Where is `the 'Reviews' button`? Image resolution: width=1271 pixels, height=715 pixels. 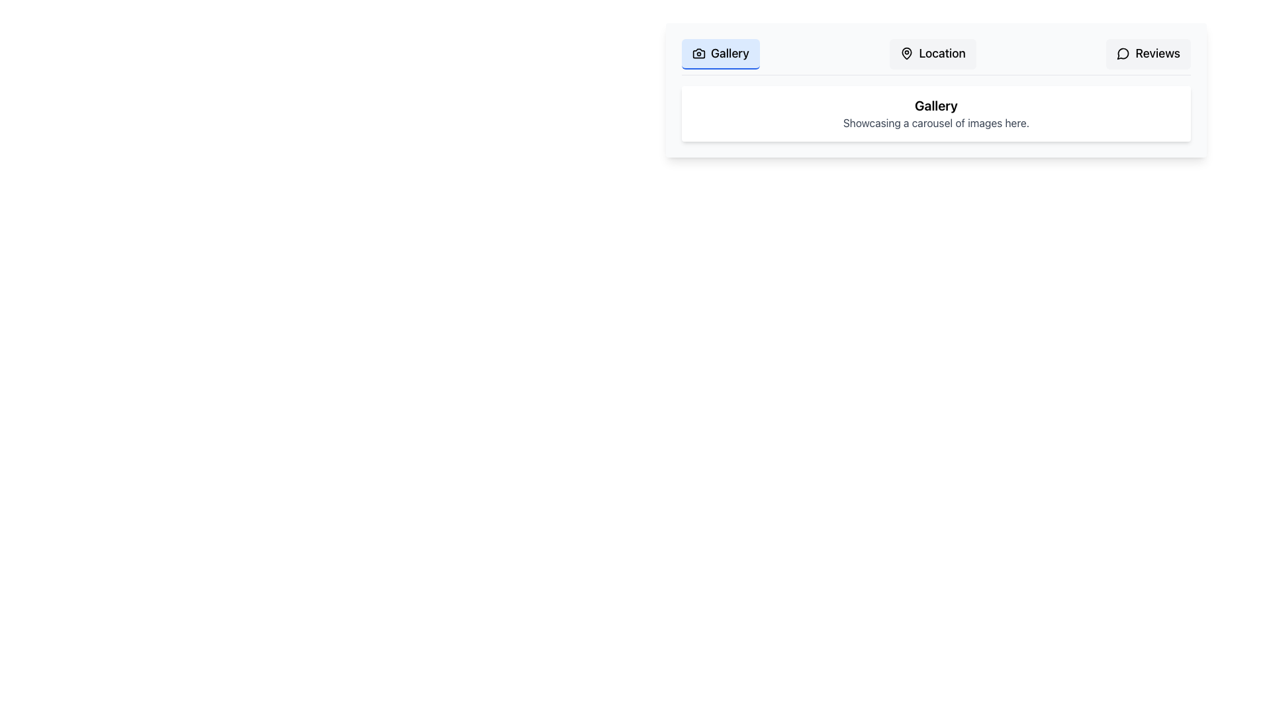 the 'Reviews' button is located at coordinates (1148, 53).